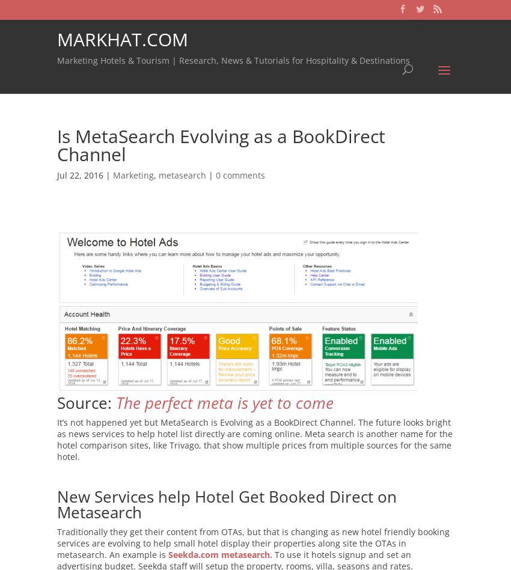  I want to click on 'Jul 22, 2016 |', so click(57, 175).